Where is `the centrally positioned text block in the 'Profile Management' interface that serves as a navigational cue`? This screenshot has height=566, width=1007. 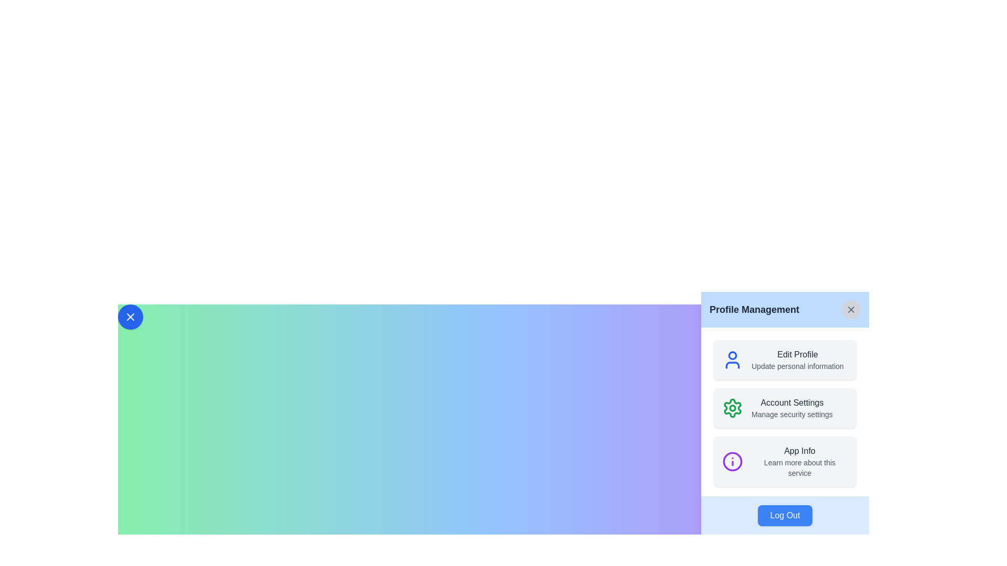 the centrally positioned text block in the 'Profile Management' interface that serves as a navigational cue is located at coordinates (792, 408).